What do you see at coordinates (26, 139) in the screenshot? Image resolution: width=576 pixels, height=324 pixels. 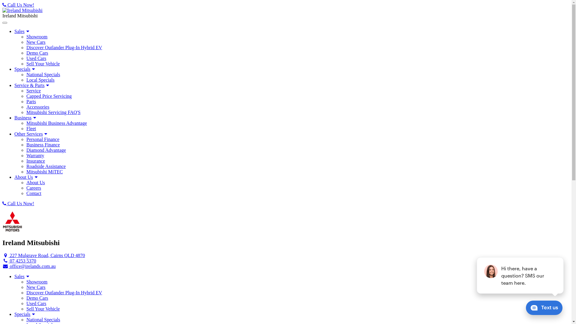 I see `'Personal Finance'` at bounding box center [26, 139].